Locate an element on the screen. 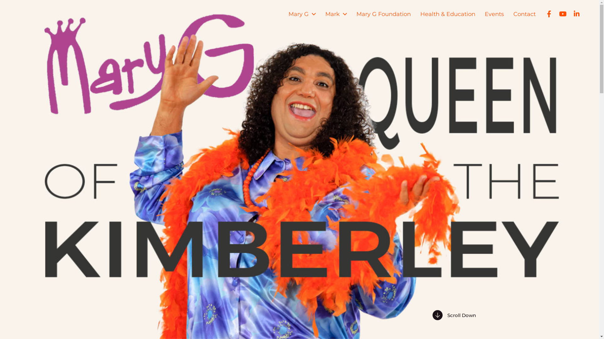 The height and width of the screenshot is (339, 604). 'Mary G Foundation' is located at coordinates (383, 14).